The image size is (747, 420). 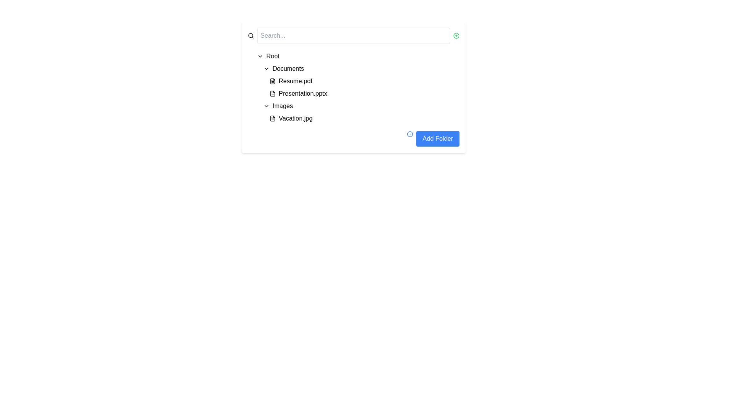 What do you see at coordinates (359, 112) in the screenshot?
I see `the list item representing the file named 'Vacation.jpg'` at bounding box center [359, 112].